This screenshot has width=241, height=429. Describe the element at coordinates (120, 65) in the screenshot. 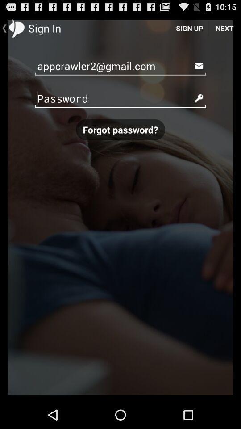

I see `the appcrawler2@gmail.com icon` at that location.